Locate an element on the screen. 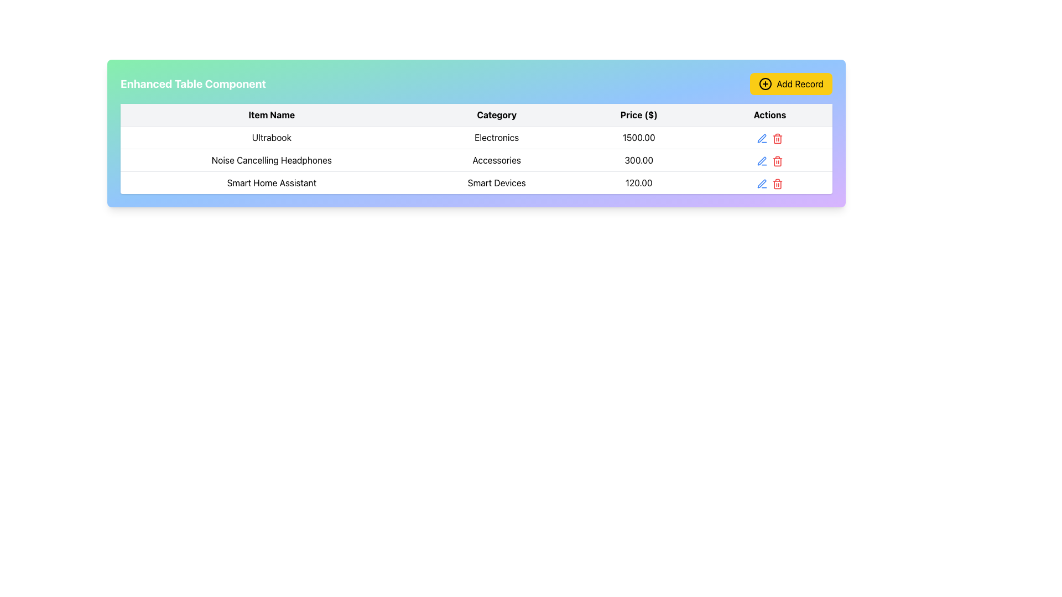  the trash can icon button located in the last row under the 'Actions' column of the table is located at coordinates (777, 183).